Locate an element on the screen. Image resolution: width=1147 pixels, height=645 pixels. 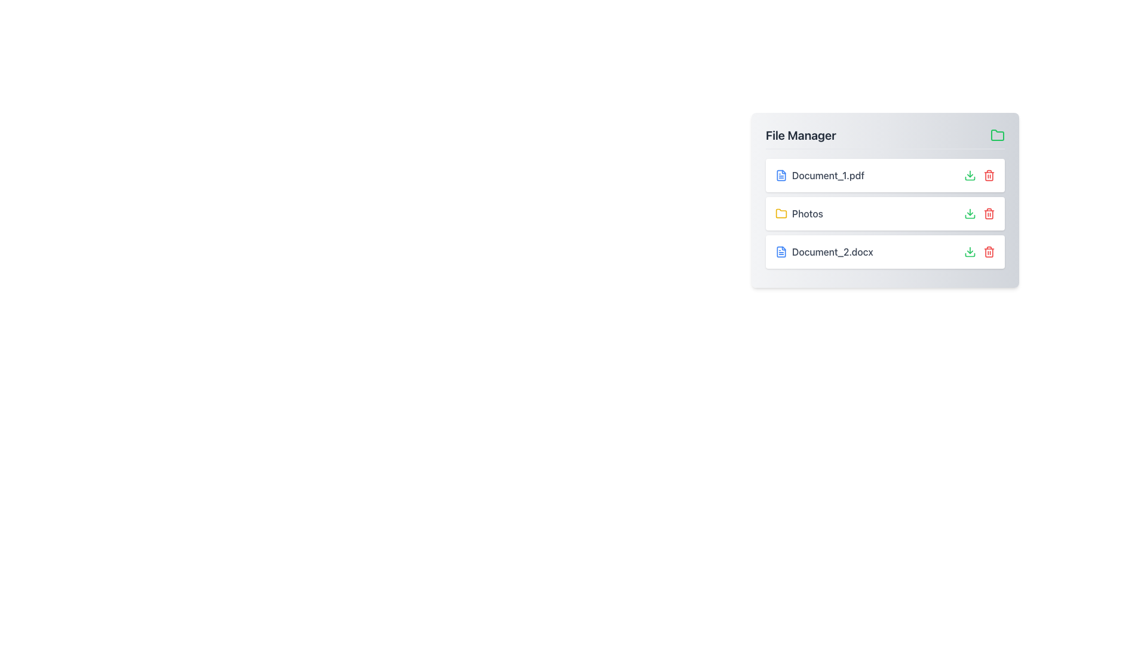
the download button icon located in the 'File Manager' section next to 'Document_1.pdf' is located at coordinates (970, 175).